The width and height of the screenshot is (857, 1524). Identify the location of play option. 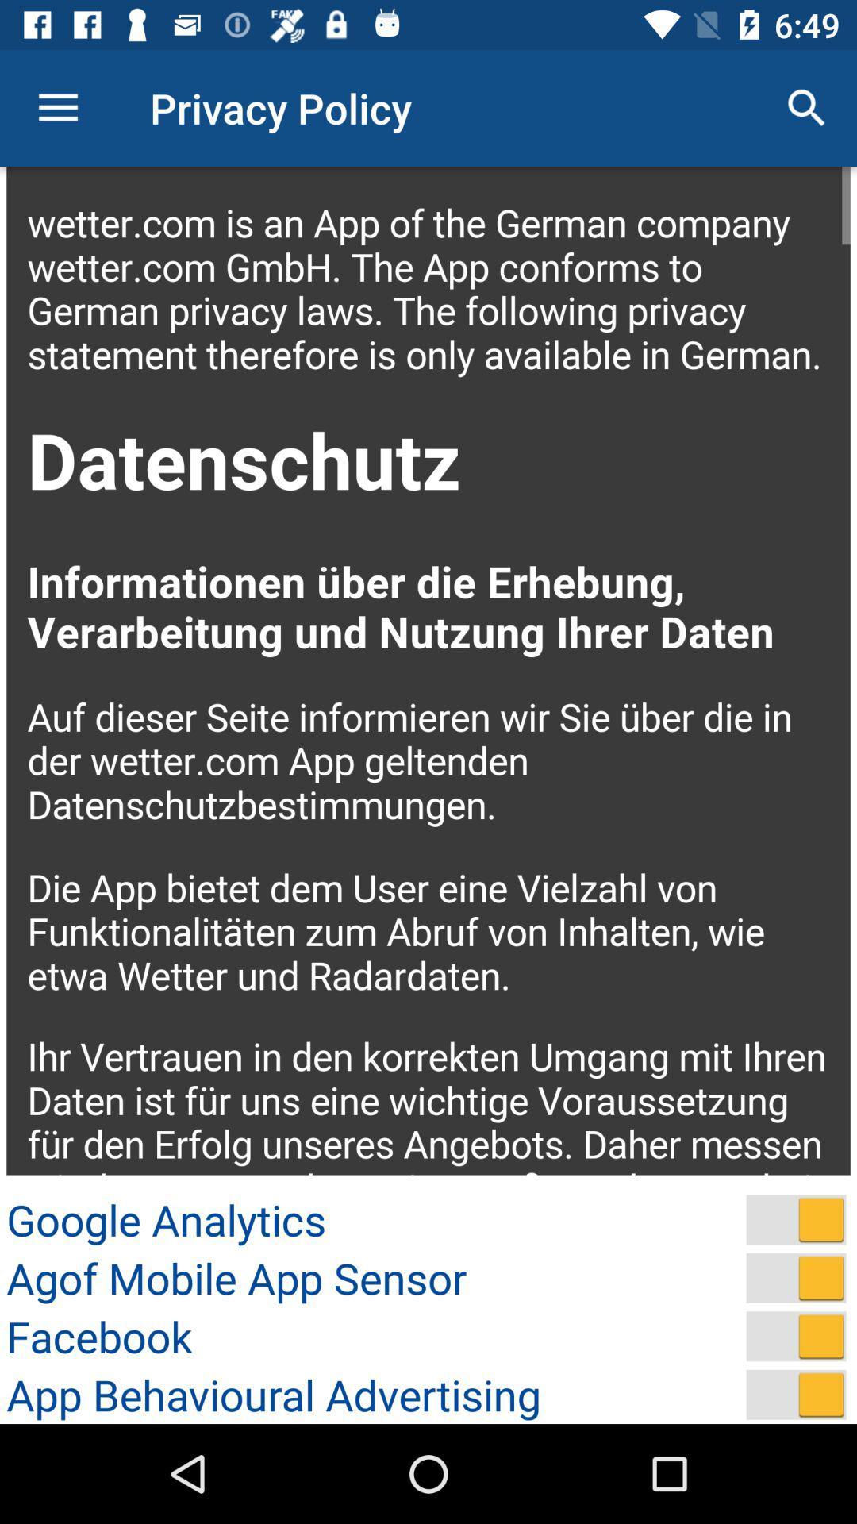
(796, 1218).